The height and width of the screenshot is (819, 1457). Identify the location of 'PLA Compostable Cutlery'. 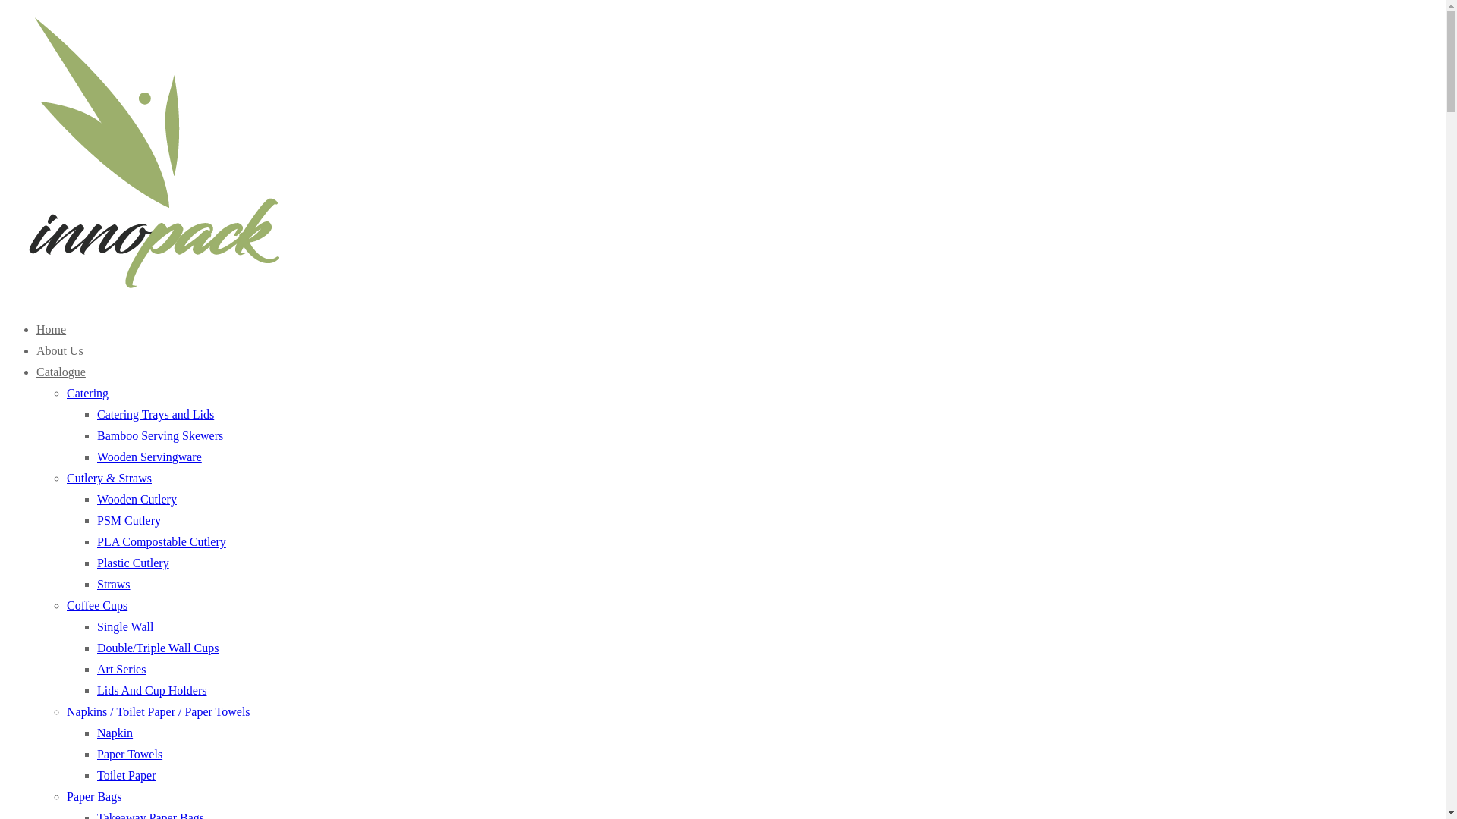
(161, 541).